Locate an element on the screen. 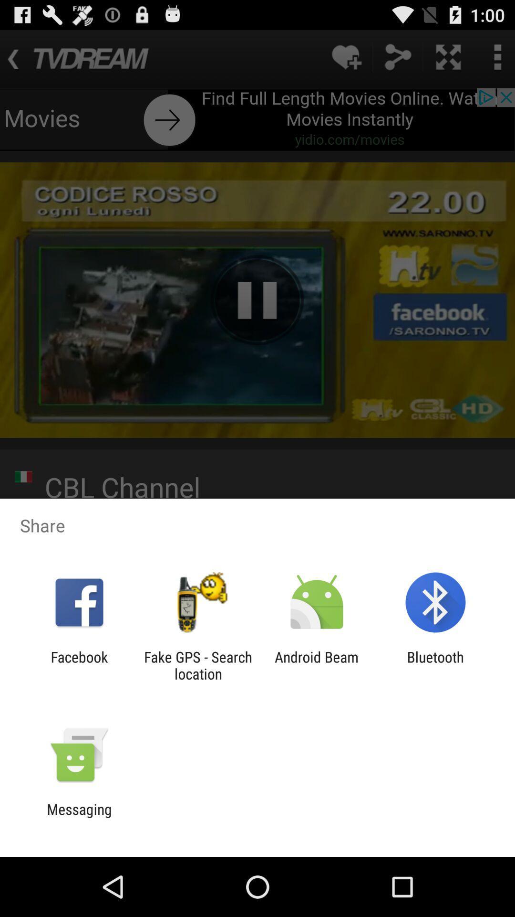  icon next to the fake gps search app is located at coordinates (79, 665).